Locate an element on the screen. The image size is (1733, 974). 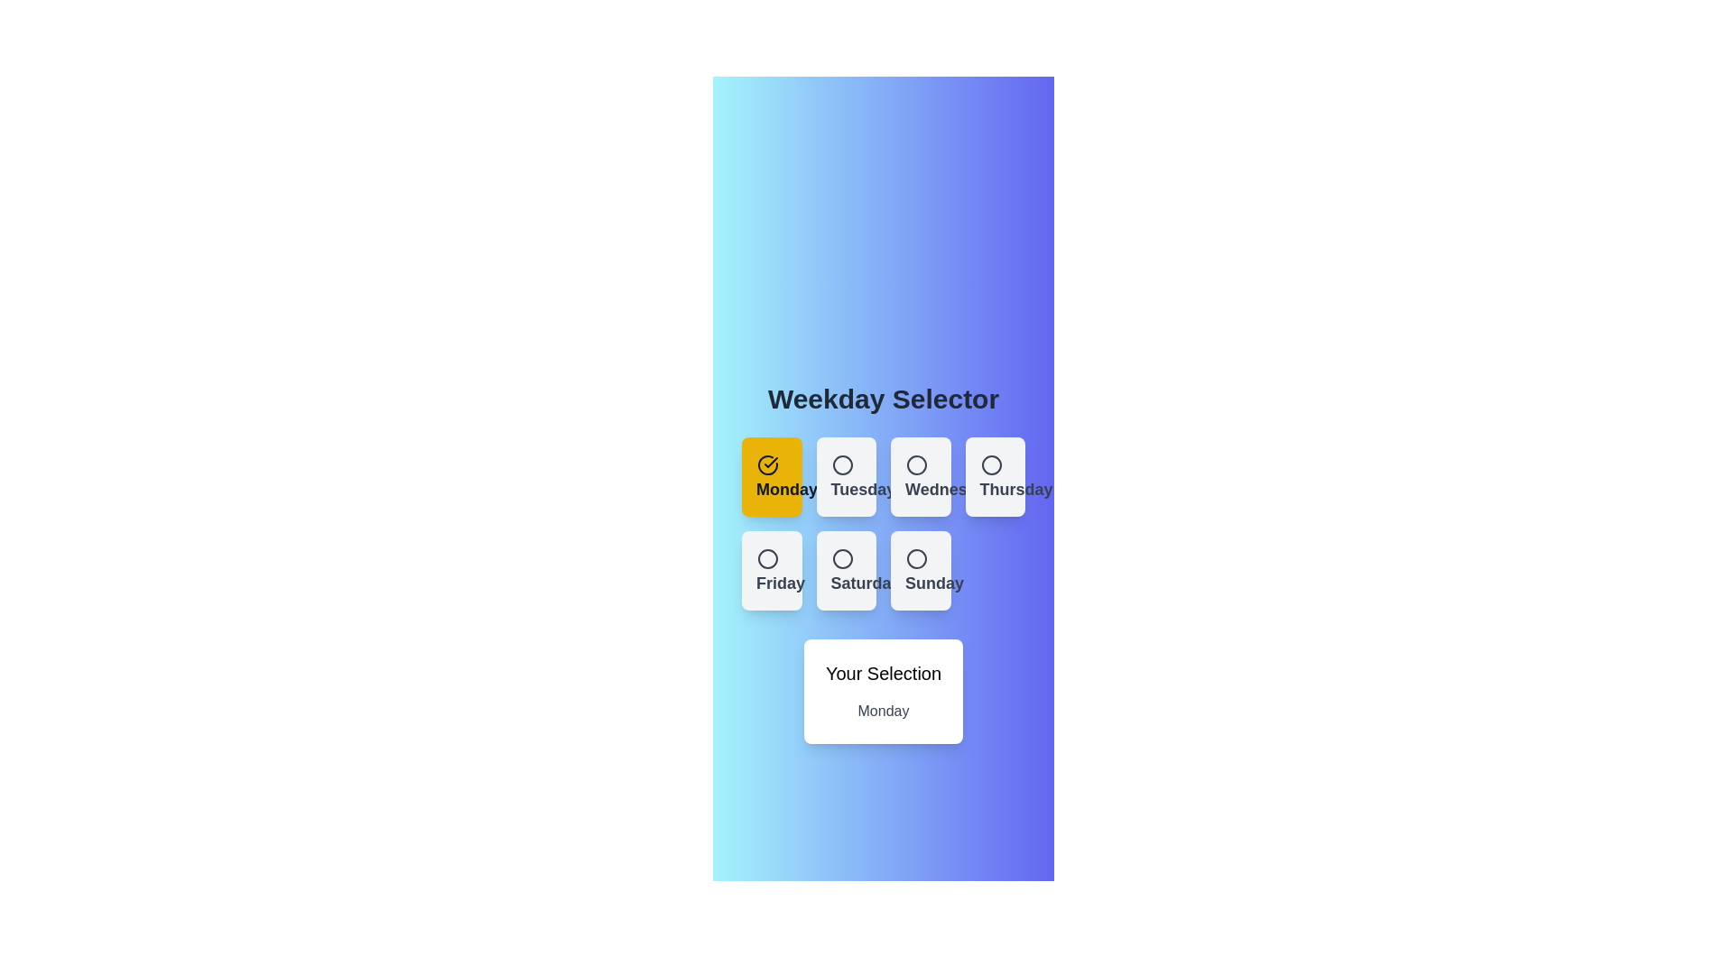
the button corresponding to Friday is located at coordinates (772, 570).